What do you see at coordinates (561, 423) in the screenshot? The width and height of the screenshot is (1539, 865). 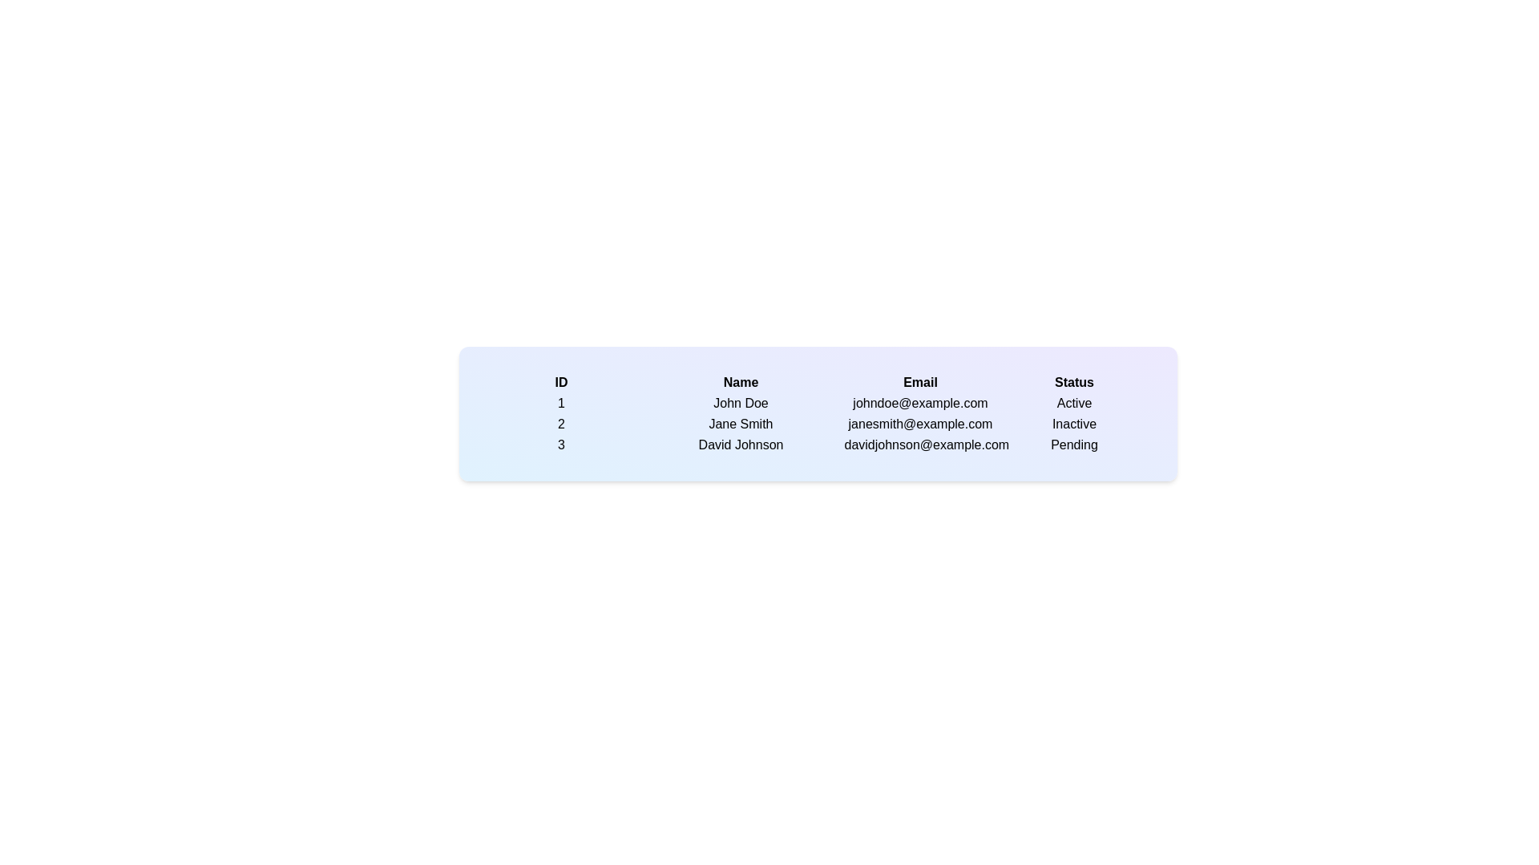 I see `the row corresponding to user 2` at bounding box center [561, 423].